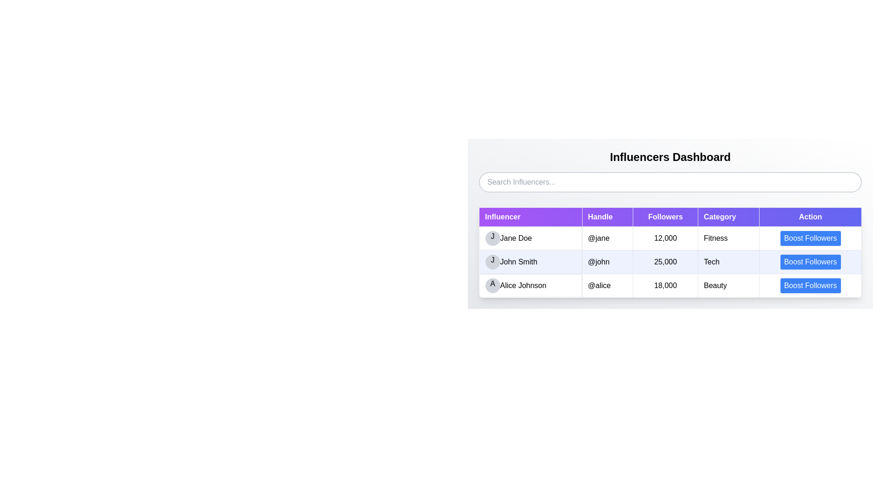  I want to click on the second row of the table showcasing information about 'John Smith', which includes details like username, handle, follower count, category, and a button labeled 'Boost Followers', so click(670, 262).